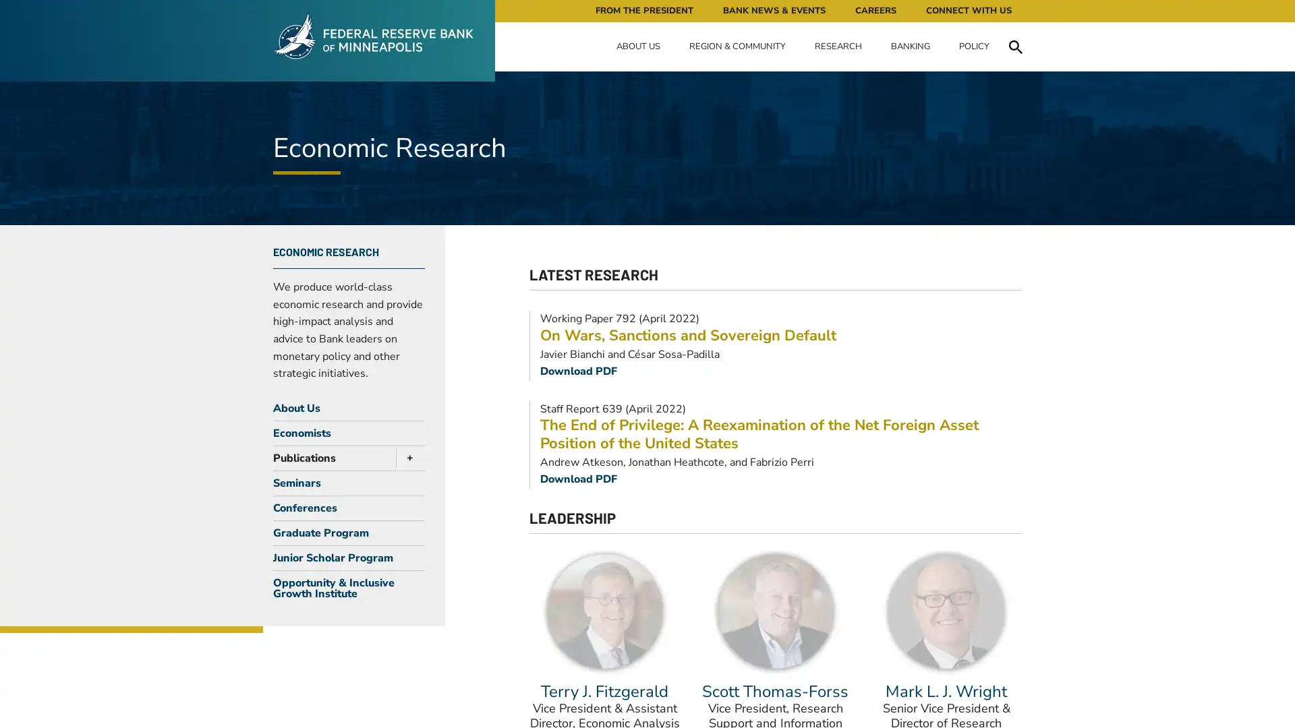 The width and height of the screenshot is (1295, 728). Describe the element at coordinates (1015, 46) in the screenshot. I see `Toggle Search` at that location.